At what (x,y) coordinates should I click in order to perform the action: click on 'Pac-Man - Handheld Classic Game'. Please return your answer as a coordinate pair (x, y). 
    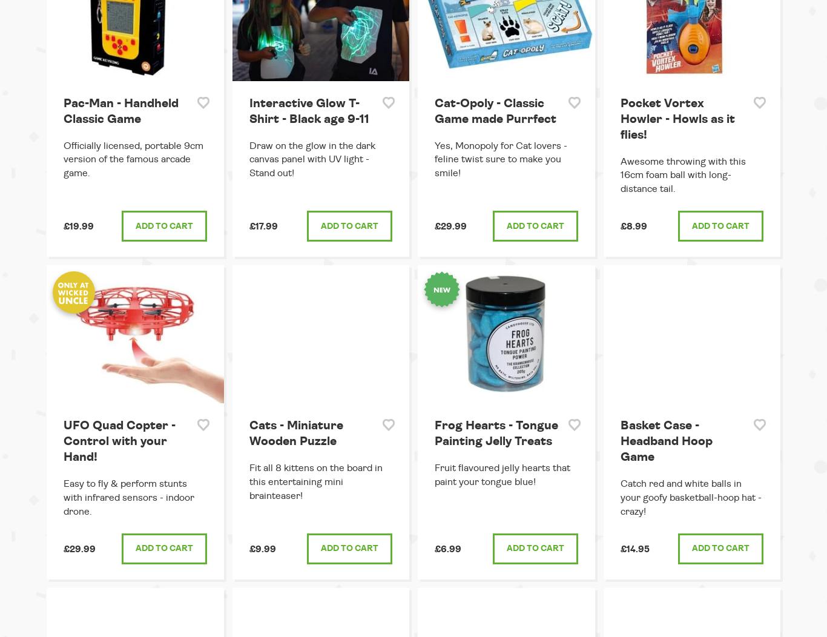
    Looking at the image, I should click on (120, 111).